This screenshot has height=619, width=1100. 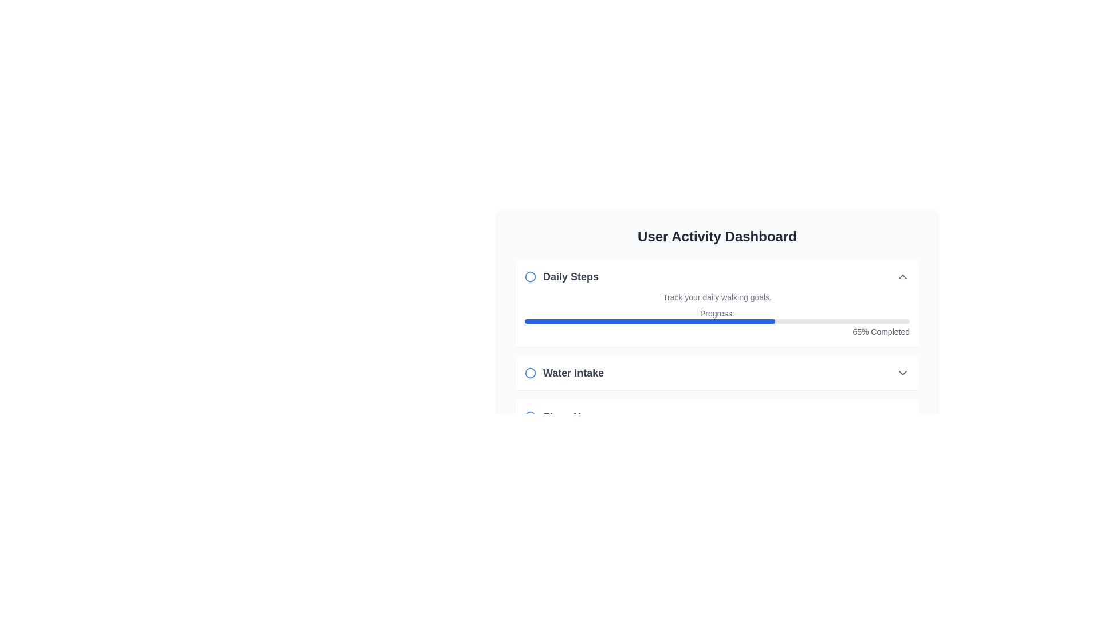 I want to click on the 'Sleep Hours' icon located in the third section of the 'User Activity Dashboard', to the left of the 'Sleep Hours' text label, so click(x=530, y=416).